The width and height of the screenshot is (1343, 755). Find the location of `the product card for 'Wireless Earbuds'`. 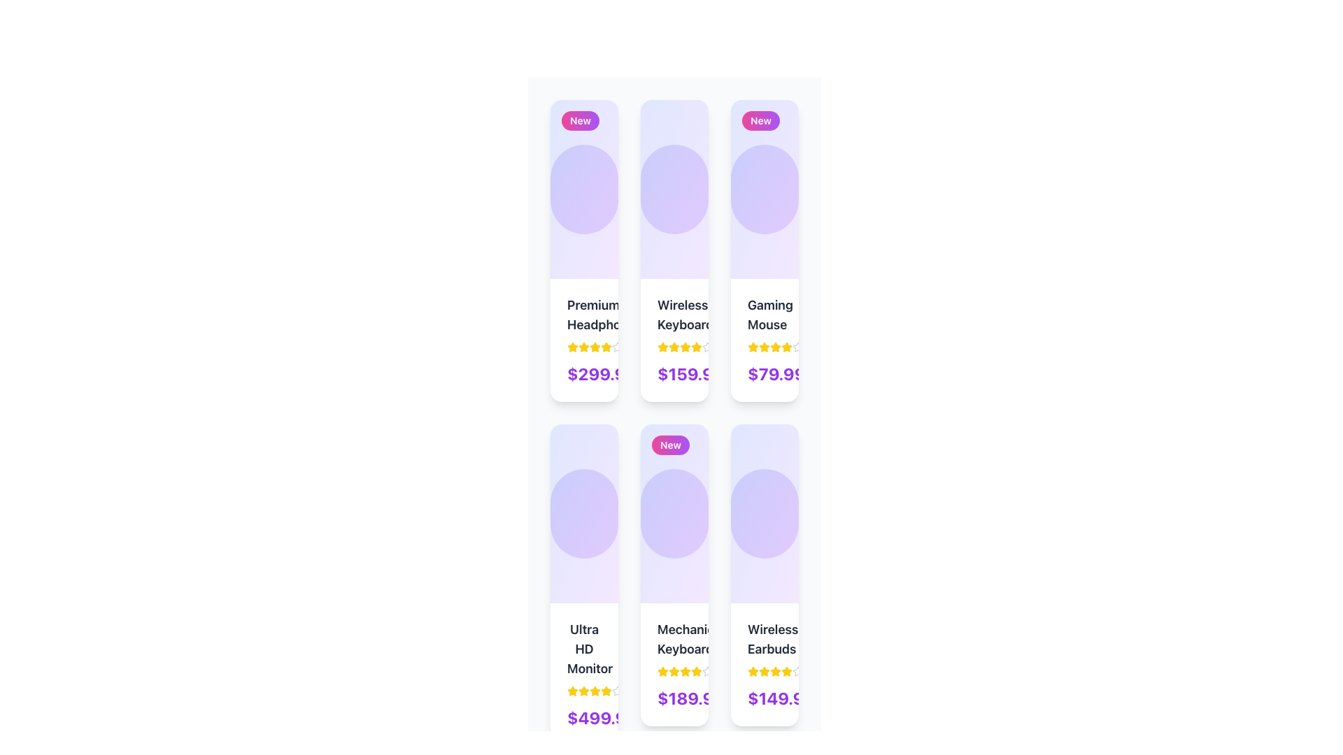

the product card for 'Wireless Earbuds' is located at coordinates (764, 585).